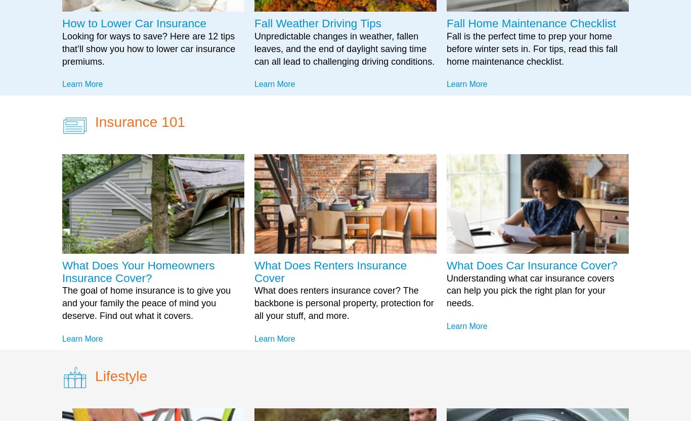 Image resolution: width=691 pixels, height=421 pixels. What do you see at coordinates (317, 23) in the screenshot?
I see `'Fall Weather Driving Tips'` at bounding box center [317, 23].